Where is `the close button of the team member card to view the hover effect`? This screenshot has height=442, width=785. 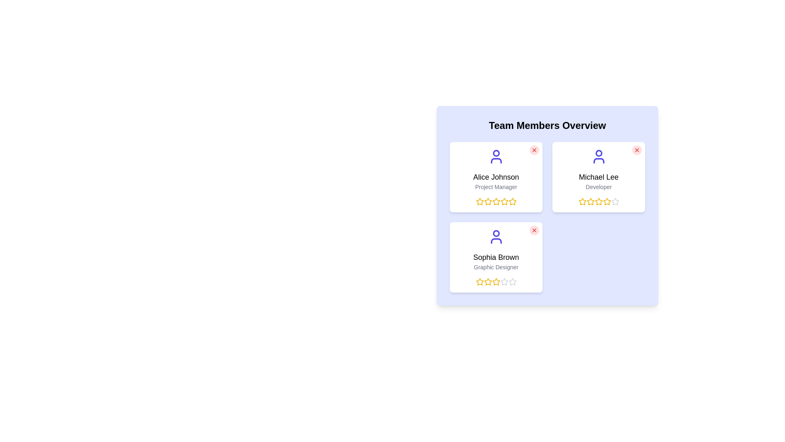 the close button of the team member card to view the hover effect is located at coordinates (534, 150).